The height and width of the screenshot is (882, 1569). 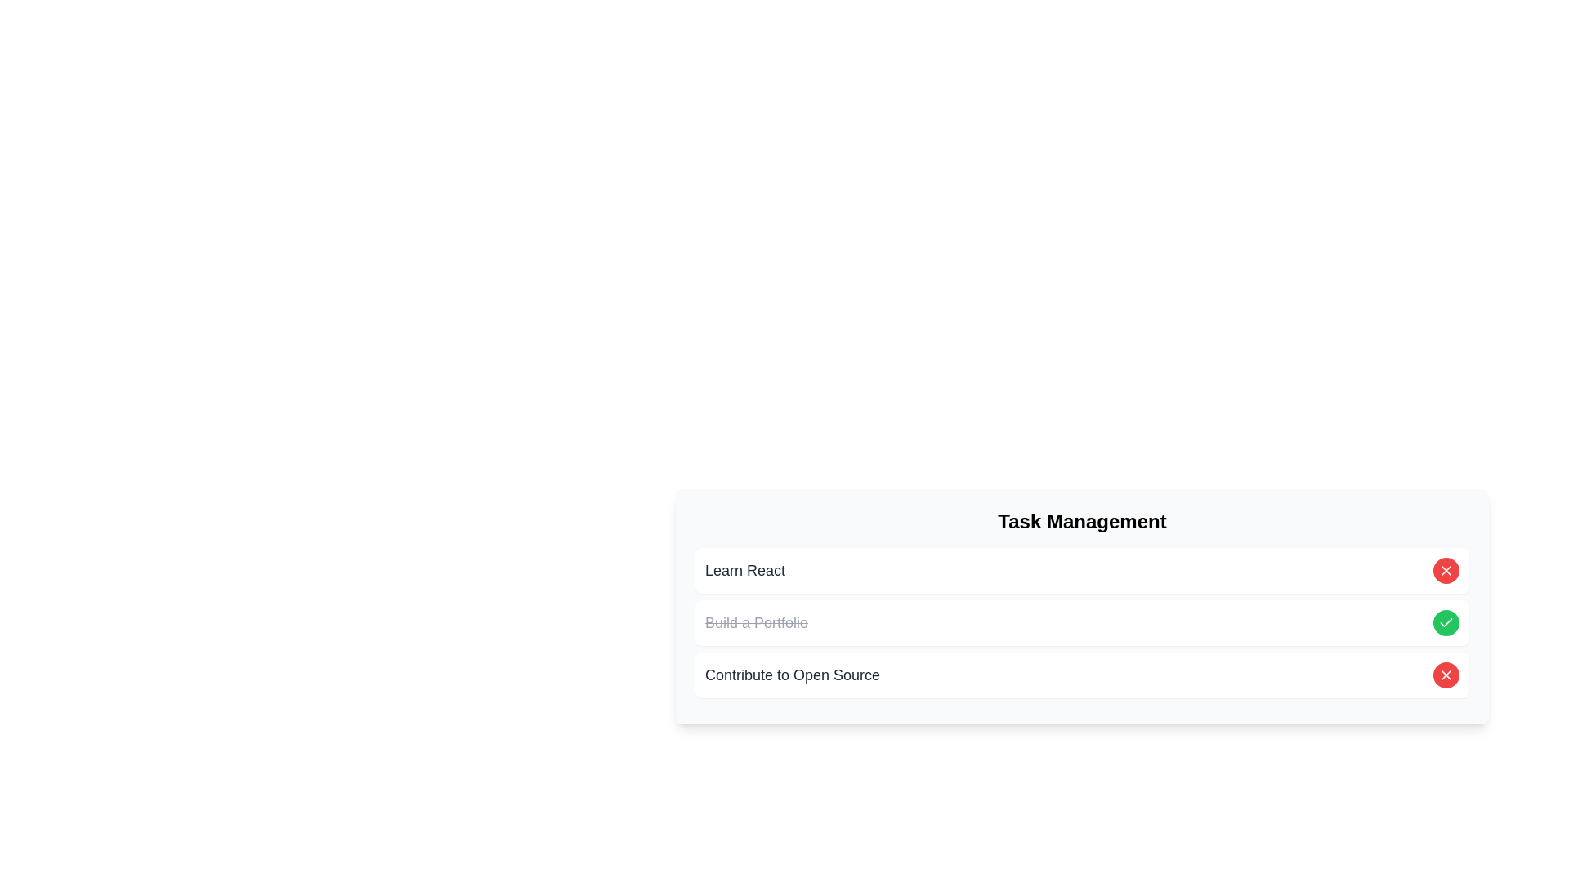 I want to click on the text label styled with a strikethrough and colored gray that displays 'Build a Portfolio' located in the 'Task Management' section, so click(x=756, y=623).